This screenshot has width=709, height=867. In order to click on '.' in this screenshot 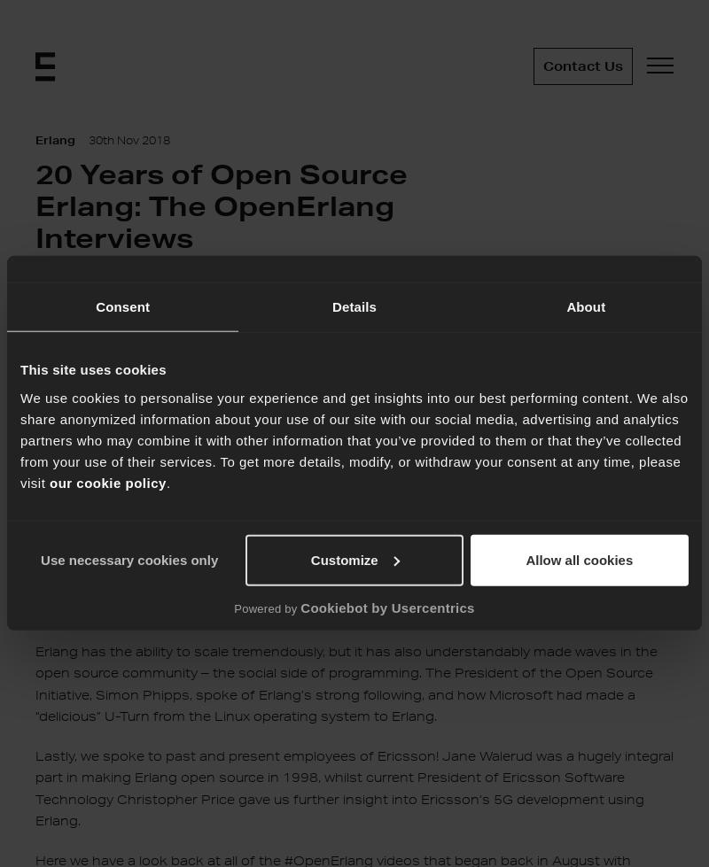, I will do `click(167, 481)`.